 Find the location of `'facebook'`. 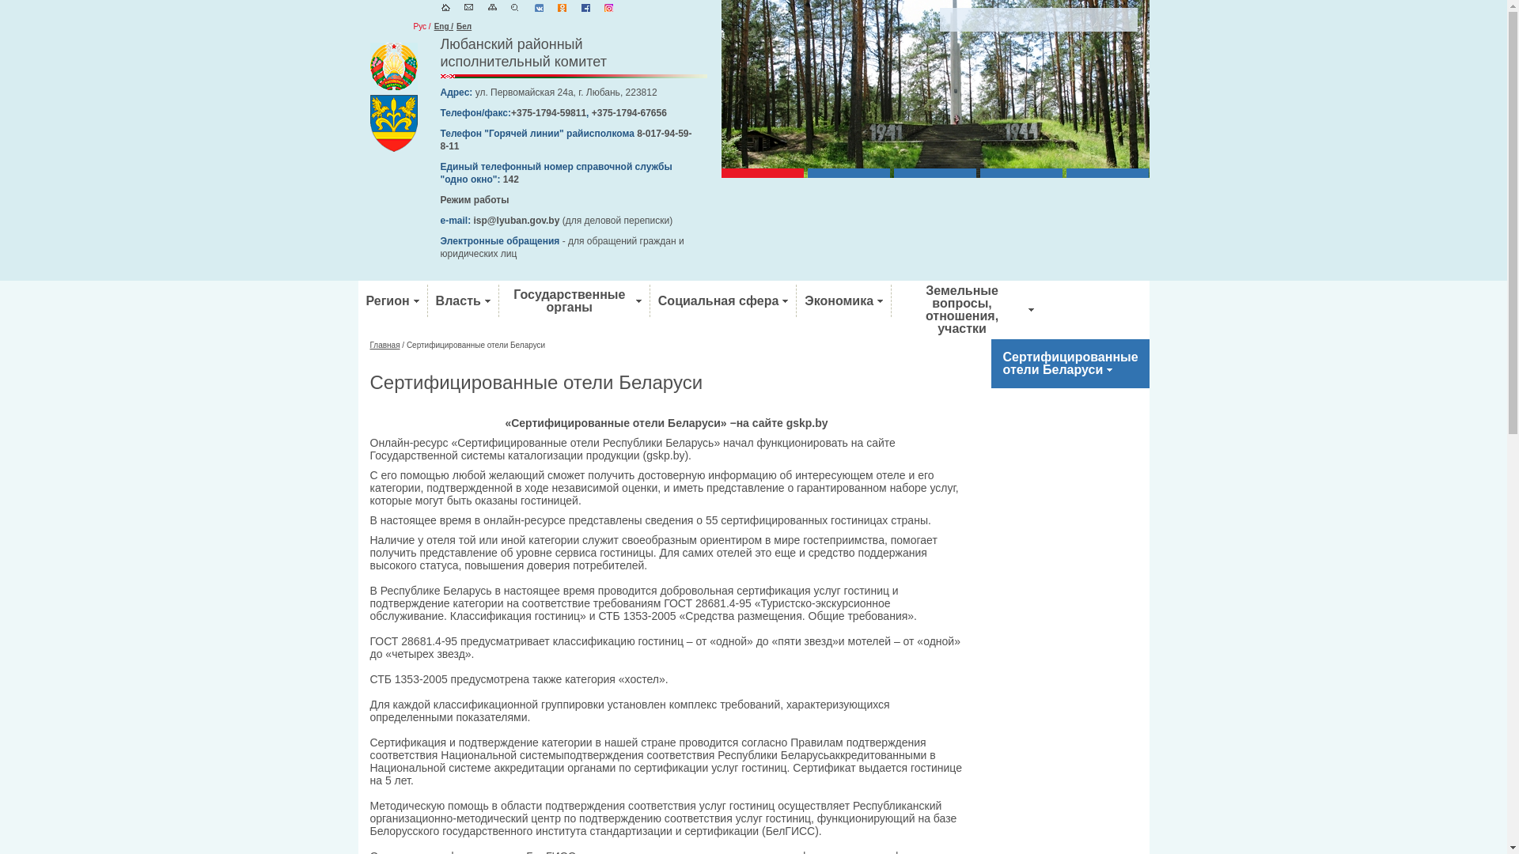

'facebook' is located at coordinates (585, 9).